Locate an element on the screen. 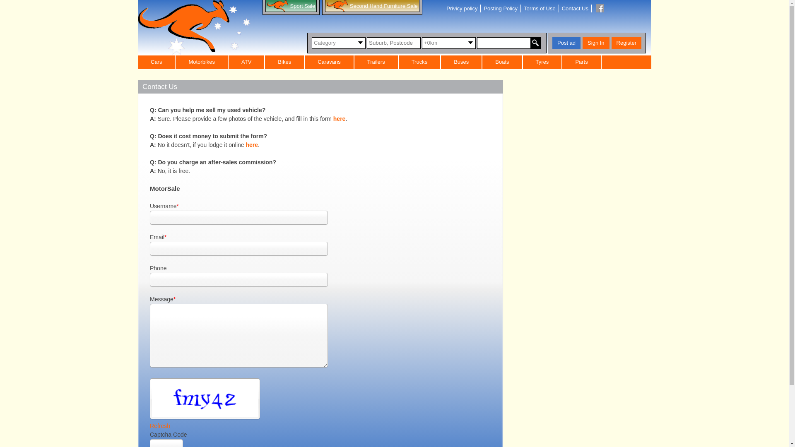  'Terms of Use' is located at coordinates (540, 8).